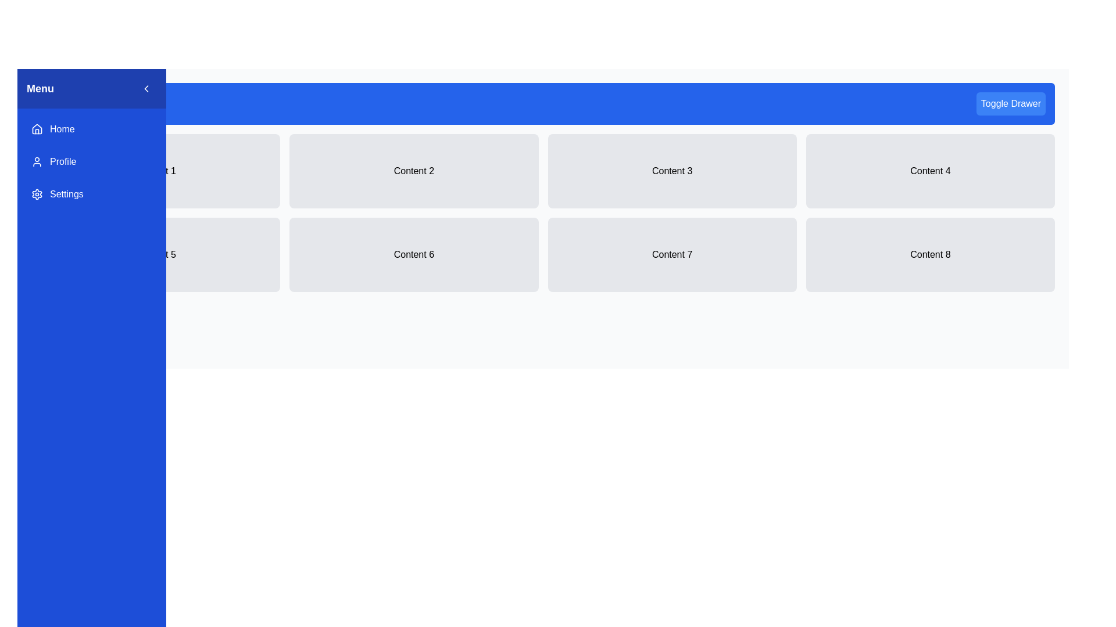  Describe the element at coordinates (37, 161) in the screenshot. I see `the 'Profile' icon located to the left of the 'Profile' label in the vertical navigation menu` at that location.